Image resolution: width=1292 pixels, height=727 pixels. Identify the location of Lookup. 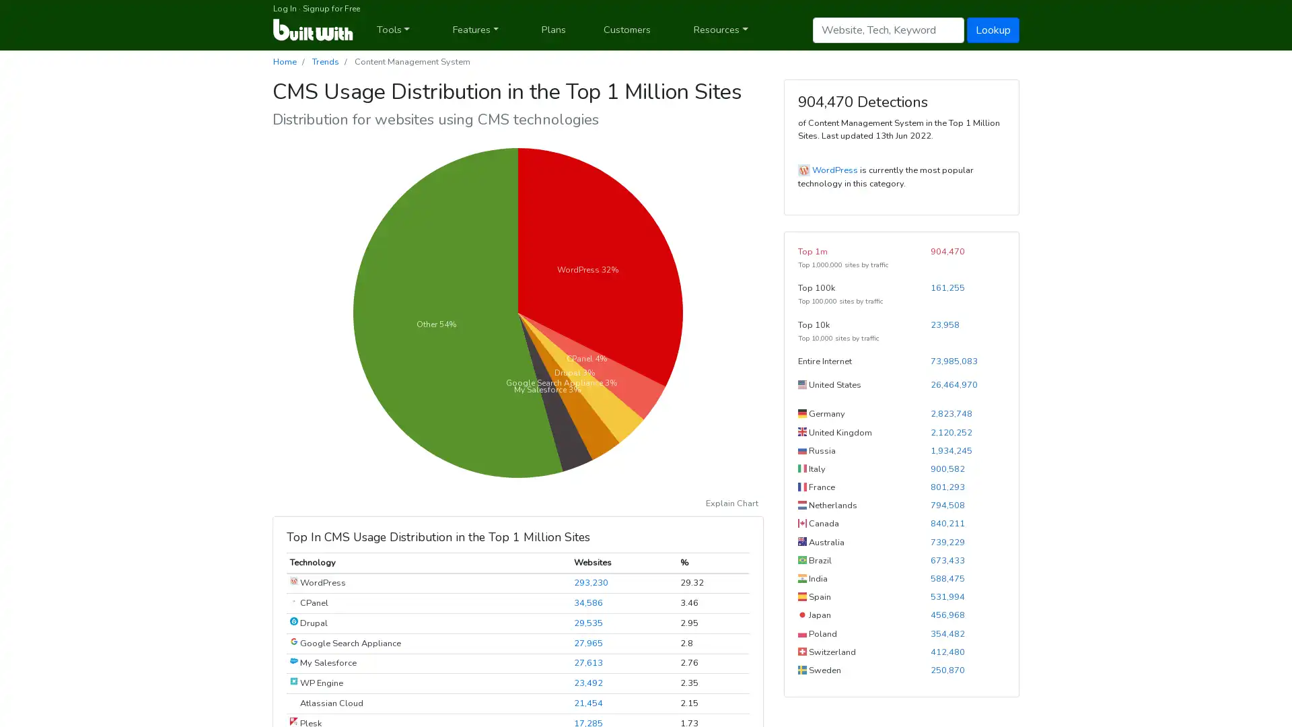
(993, 29).